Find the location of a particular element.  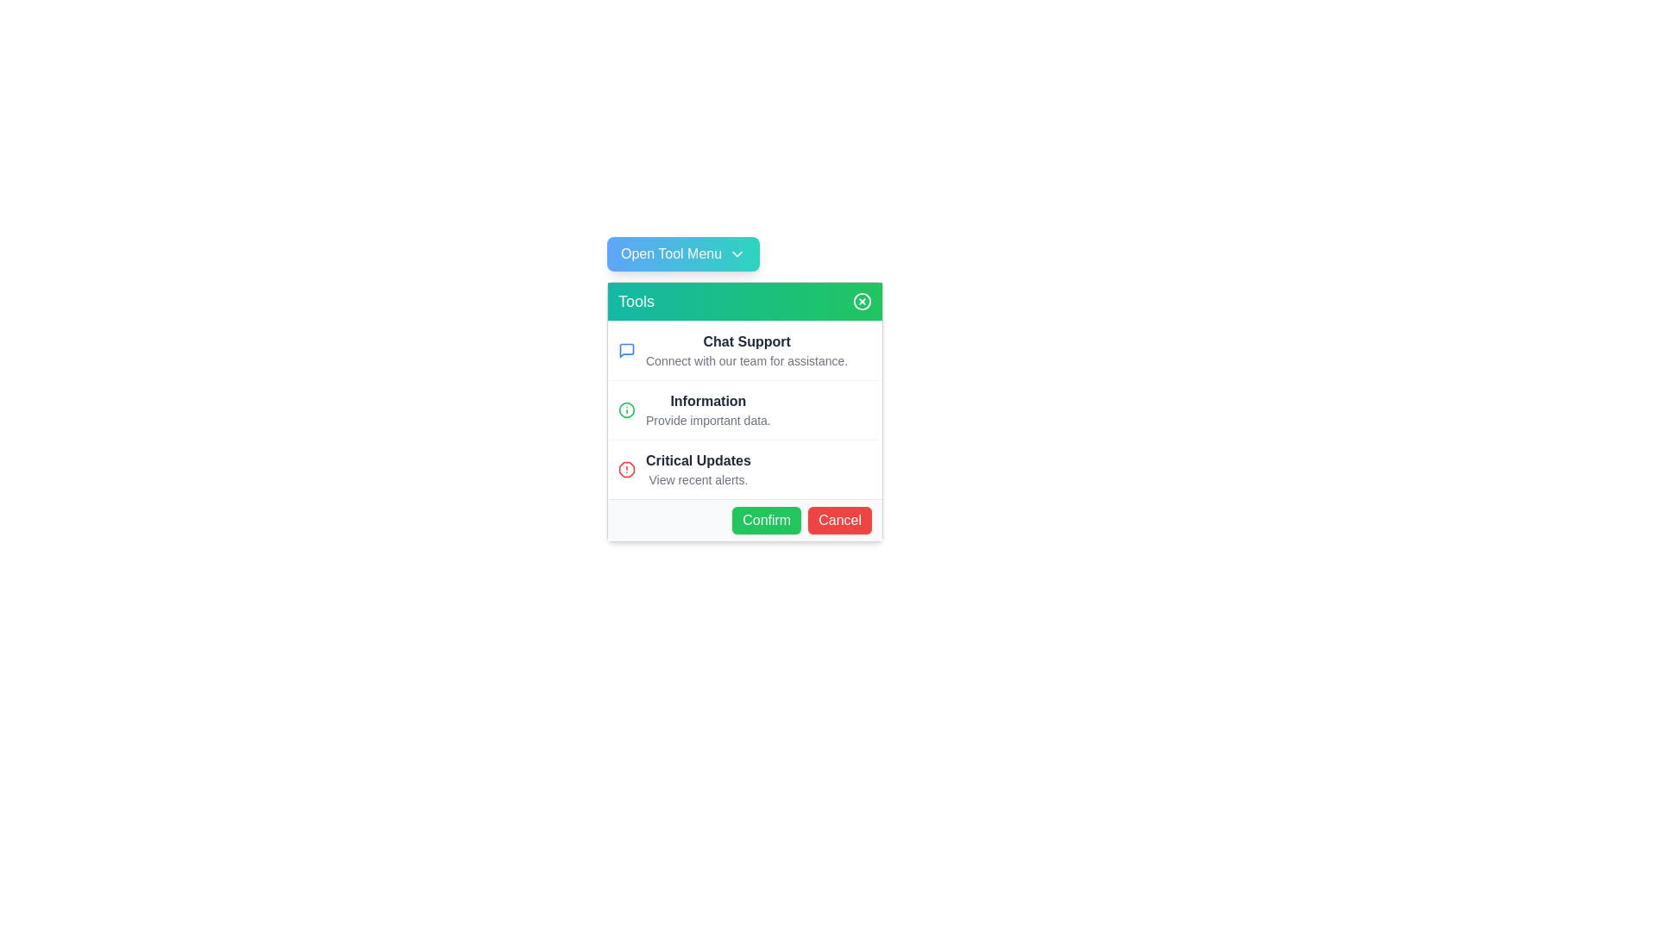

the text label indicating the feature to connect with support, located at the top of the 'Tools' dialog box is located at coordinates (747, 342).